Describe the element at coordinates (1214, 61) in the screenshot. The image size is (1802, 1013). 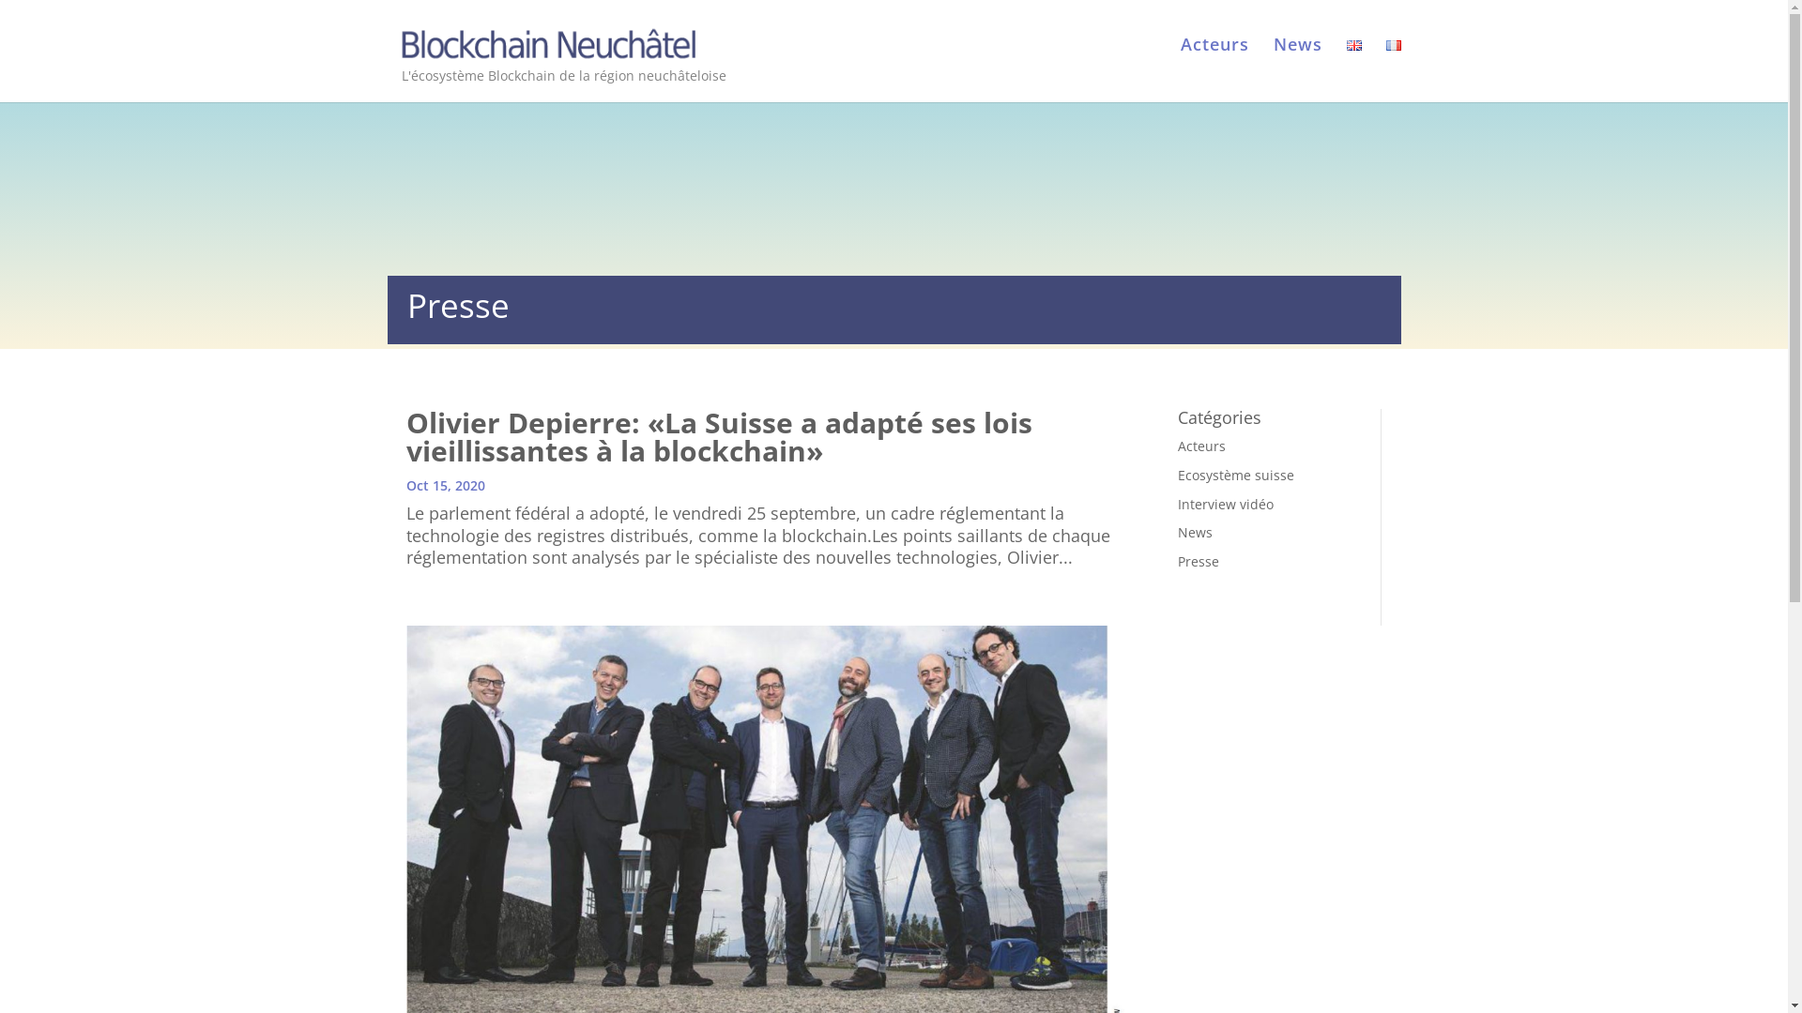
I see `'Acteurs'` at that location.